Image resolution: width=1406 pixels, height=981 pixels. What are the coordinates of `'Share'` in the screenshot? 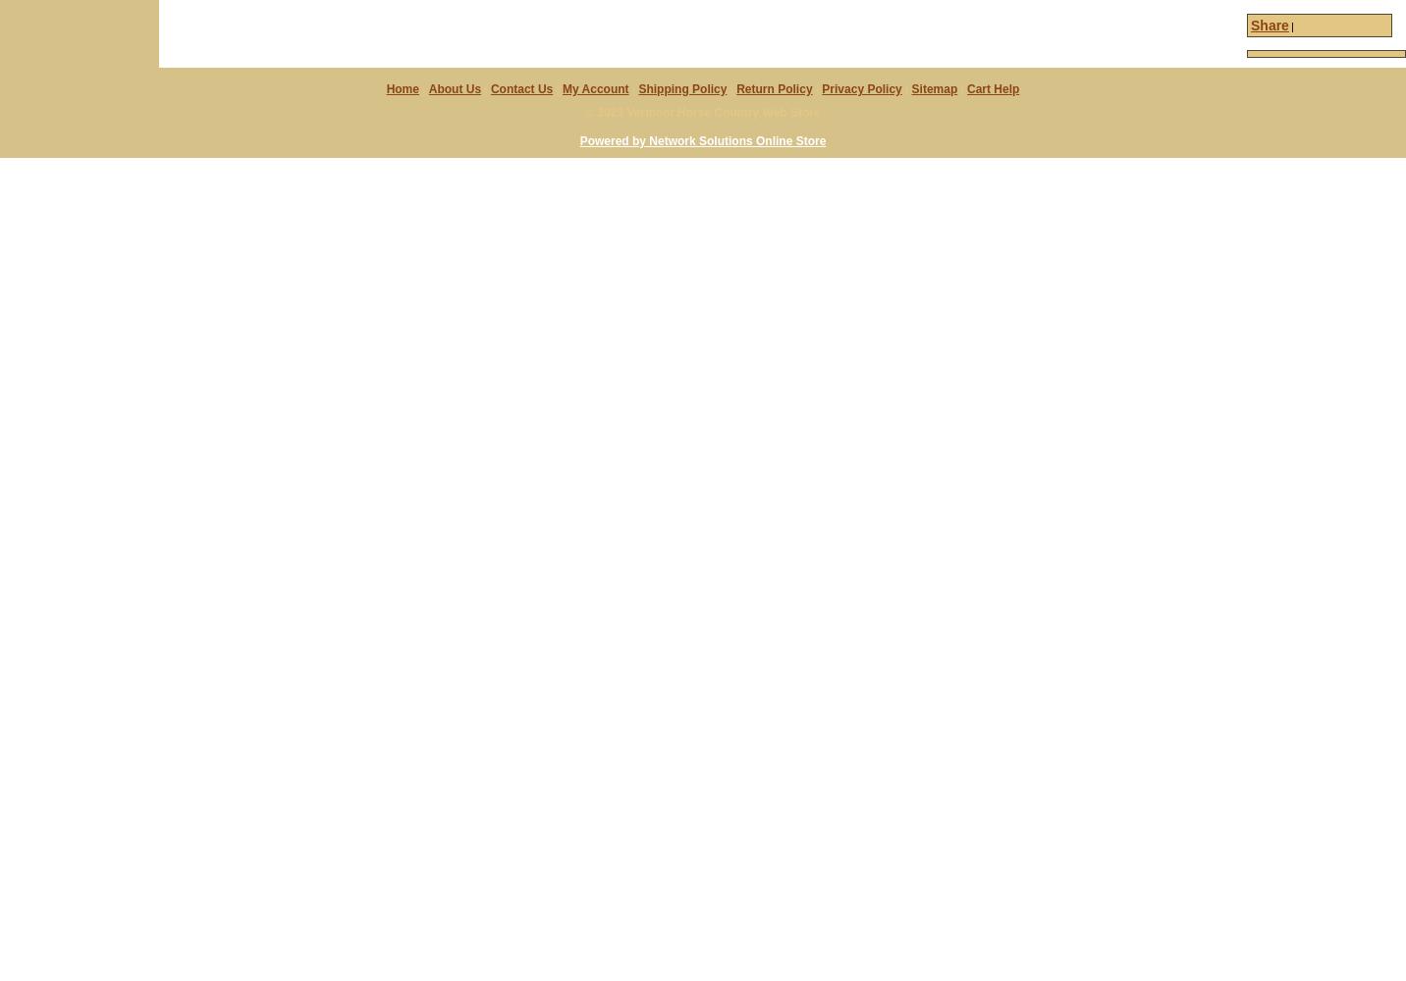 It's located at (1269, 25).